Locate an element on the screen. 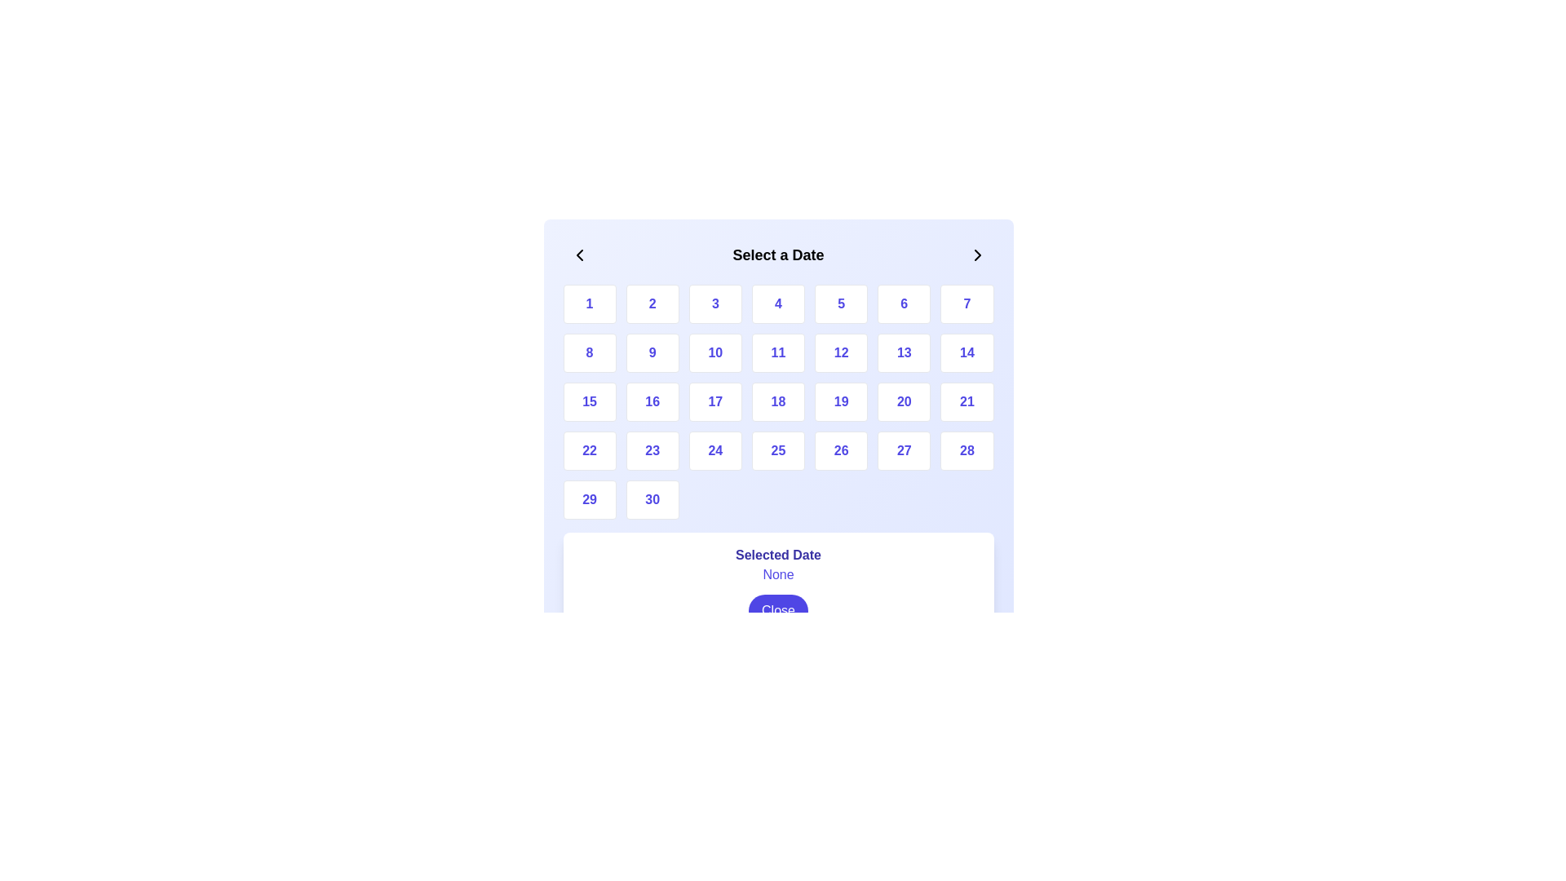  the static text label styled in indigo color, located below the title 'Selected Date' and above the 'Close' button is located at coordinates (777, 574).